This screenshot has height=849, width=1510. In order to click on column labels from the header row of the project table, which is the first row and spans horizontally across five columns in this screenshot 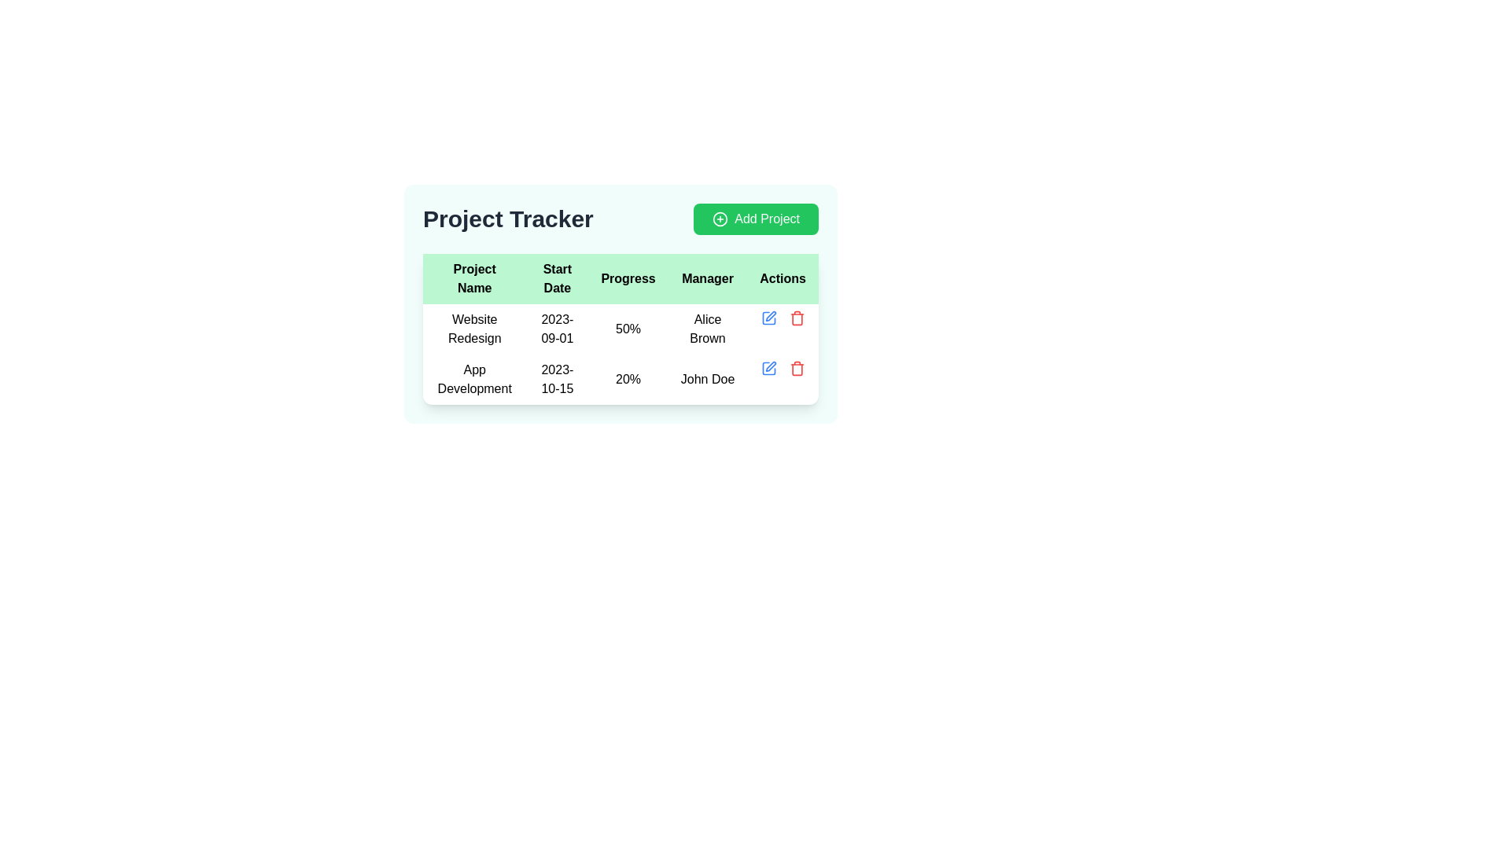, I will do `click(620, 277)`.